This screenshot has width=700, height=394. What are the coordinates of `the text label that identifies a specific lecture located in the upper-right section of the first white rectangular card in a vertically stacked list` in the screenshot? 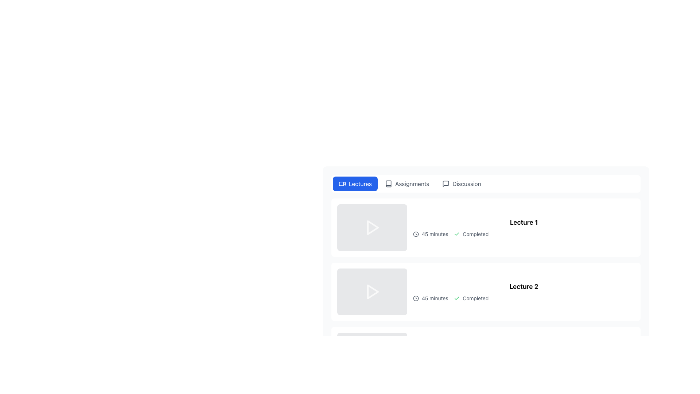 It's located at (523, 227).